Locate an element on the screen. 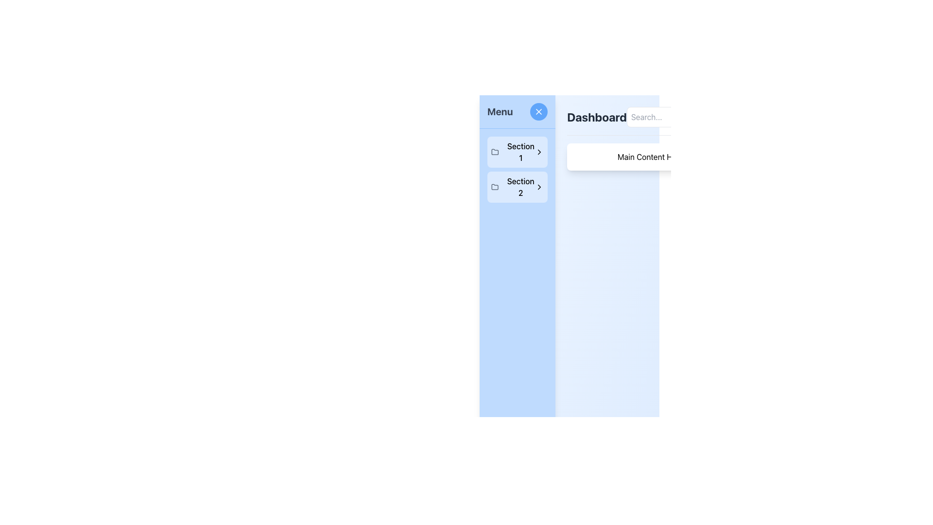 The image size is (933, 525). the toggle icon next to the 'Section 1' label is located at coordinates (539, 152).